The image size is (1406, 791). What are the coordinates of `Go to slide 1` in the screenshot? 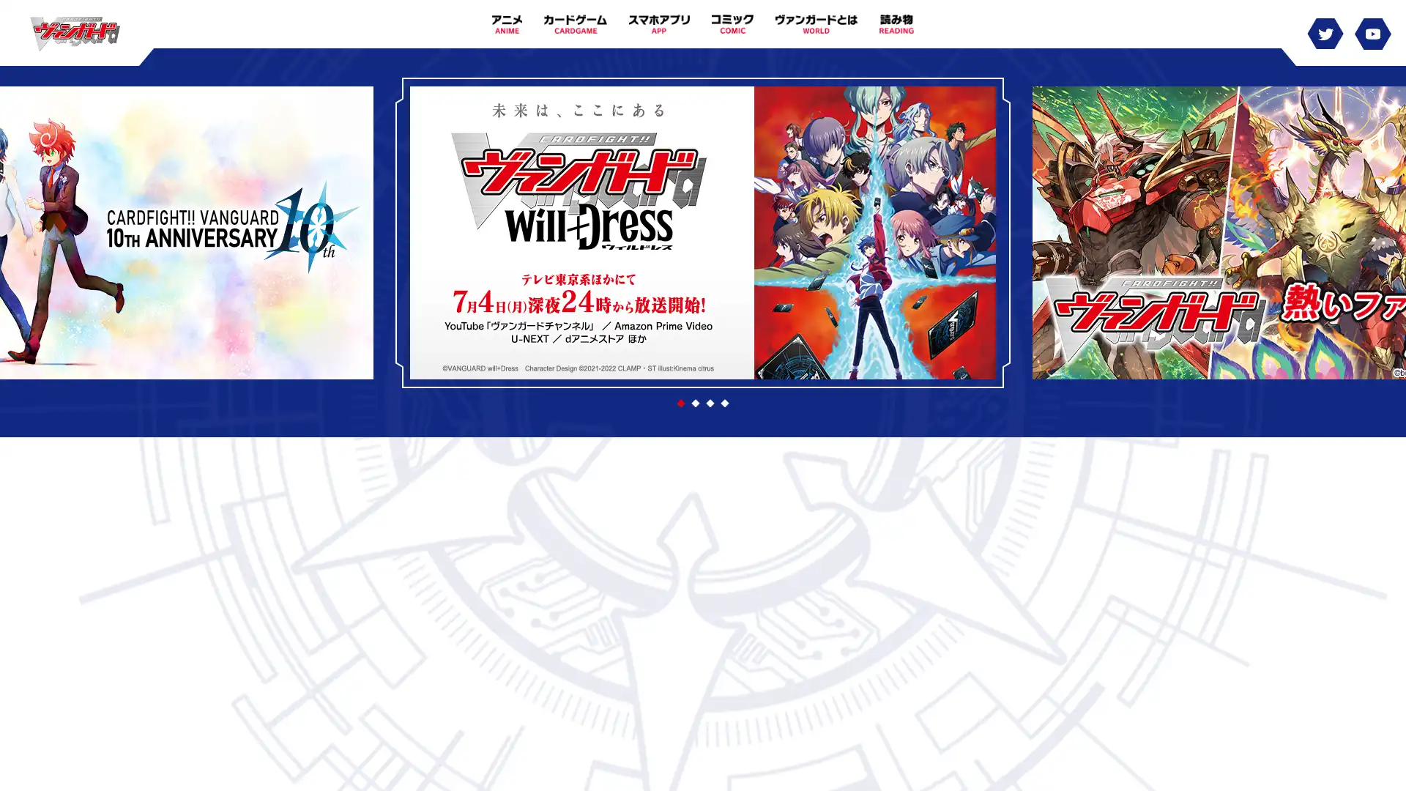 It's located at (680, 404).